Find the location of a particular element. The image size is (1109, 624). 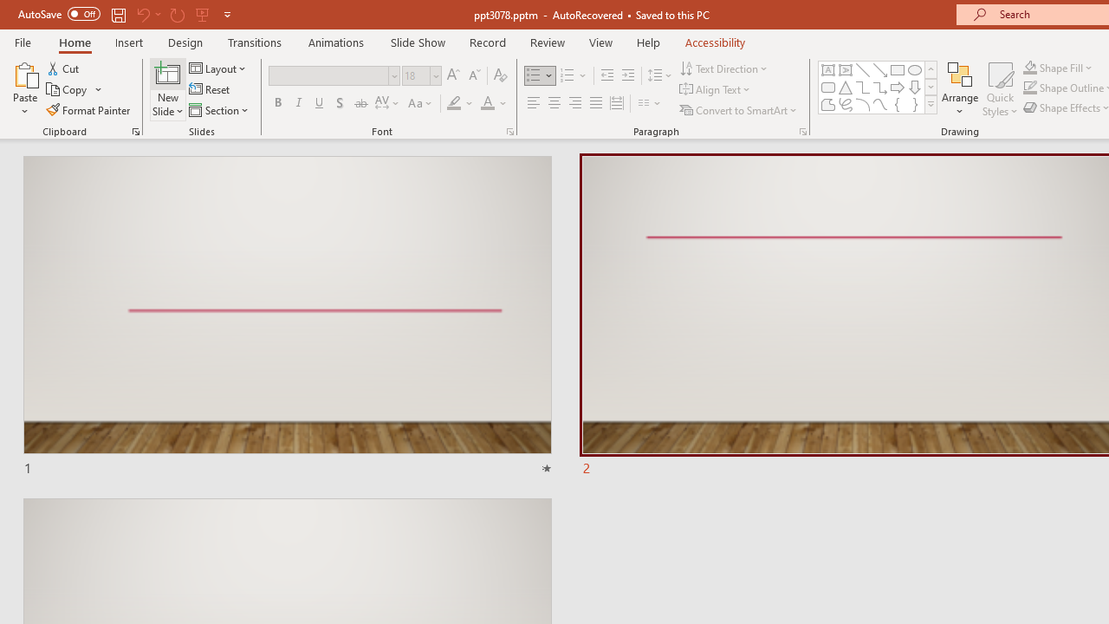

'Section' is located at coordinates (219, 110).